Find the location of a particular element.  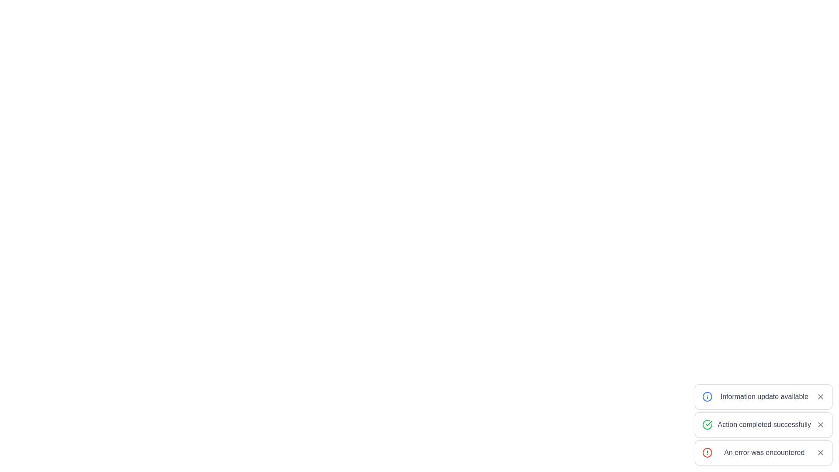

message displayed in the third notification card styled with a white background and rounded edges, which contains the text 'An error was encountered' is located at coordinates (763, 452).